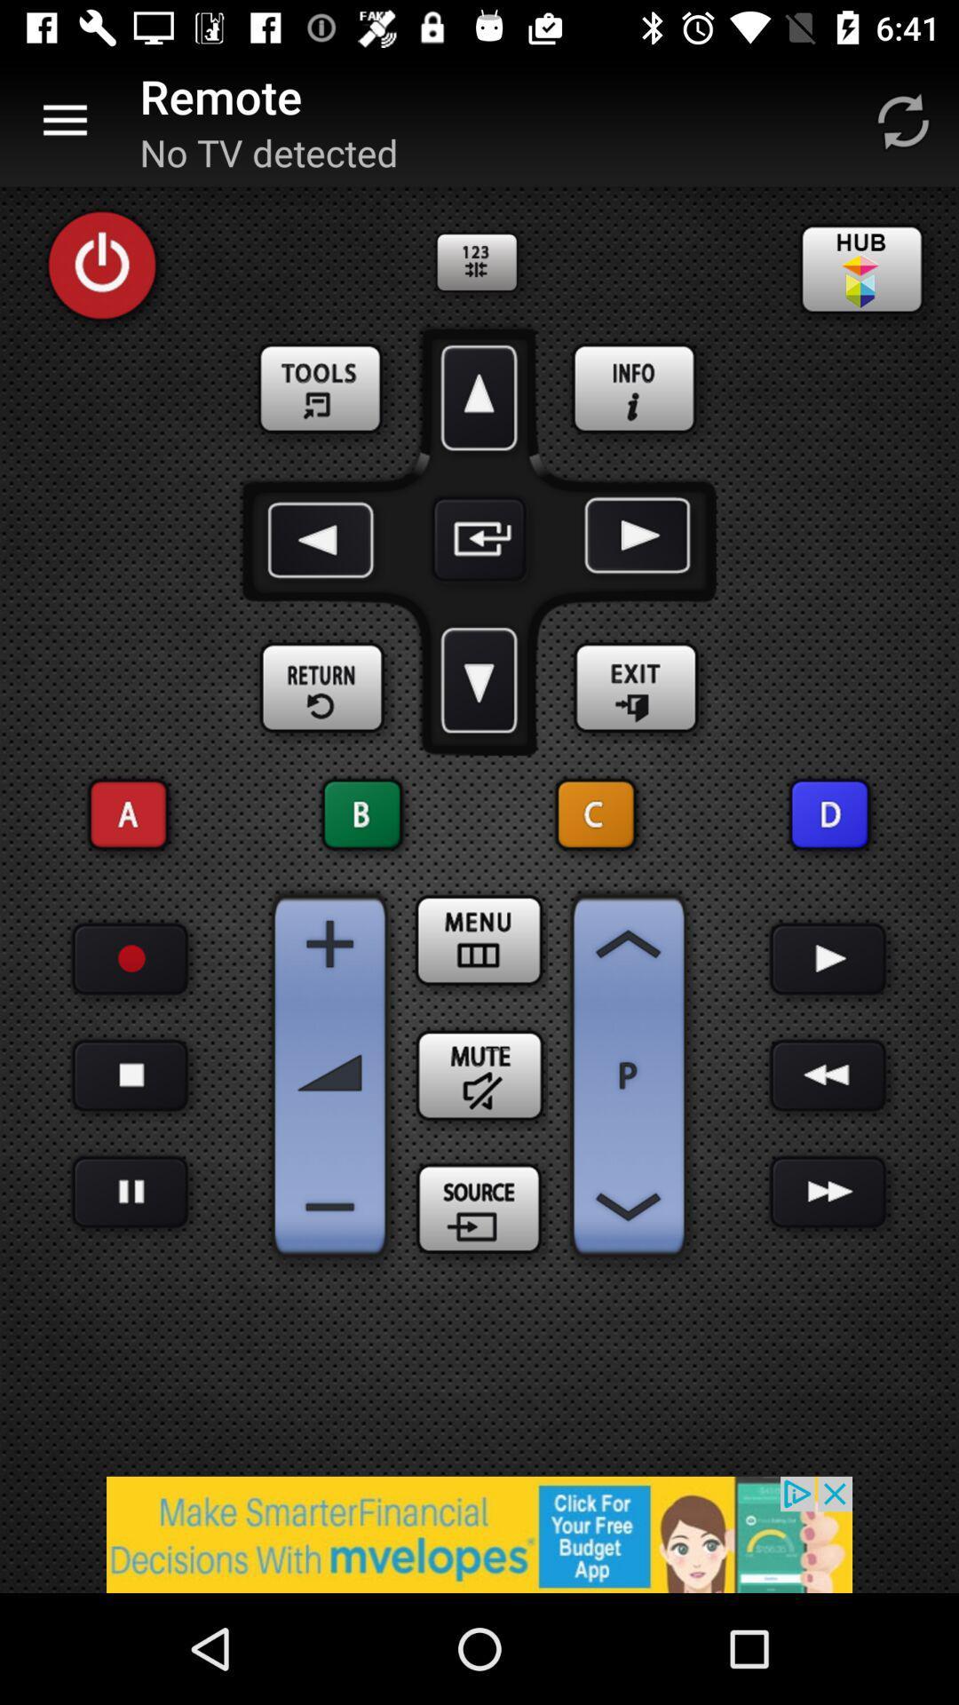  What do you see at coordinates (129, 1075) in the screenshot?
I see `stop` at bounding box center [129, 1075].